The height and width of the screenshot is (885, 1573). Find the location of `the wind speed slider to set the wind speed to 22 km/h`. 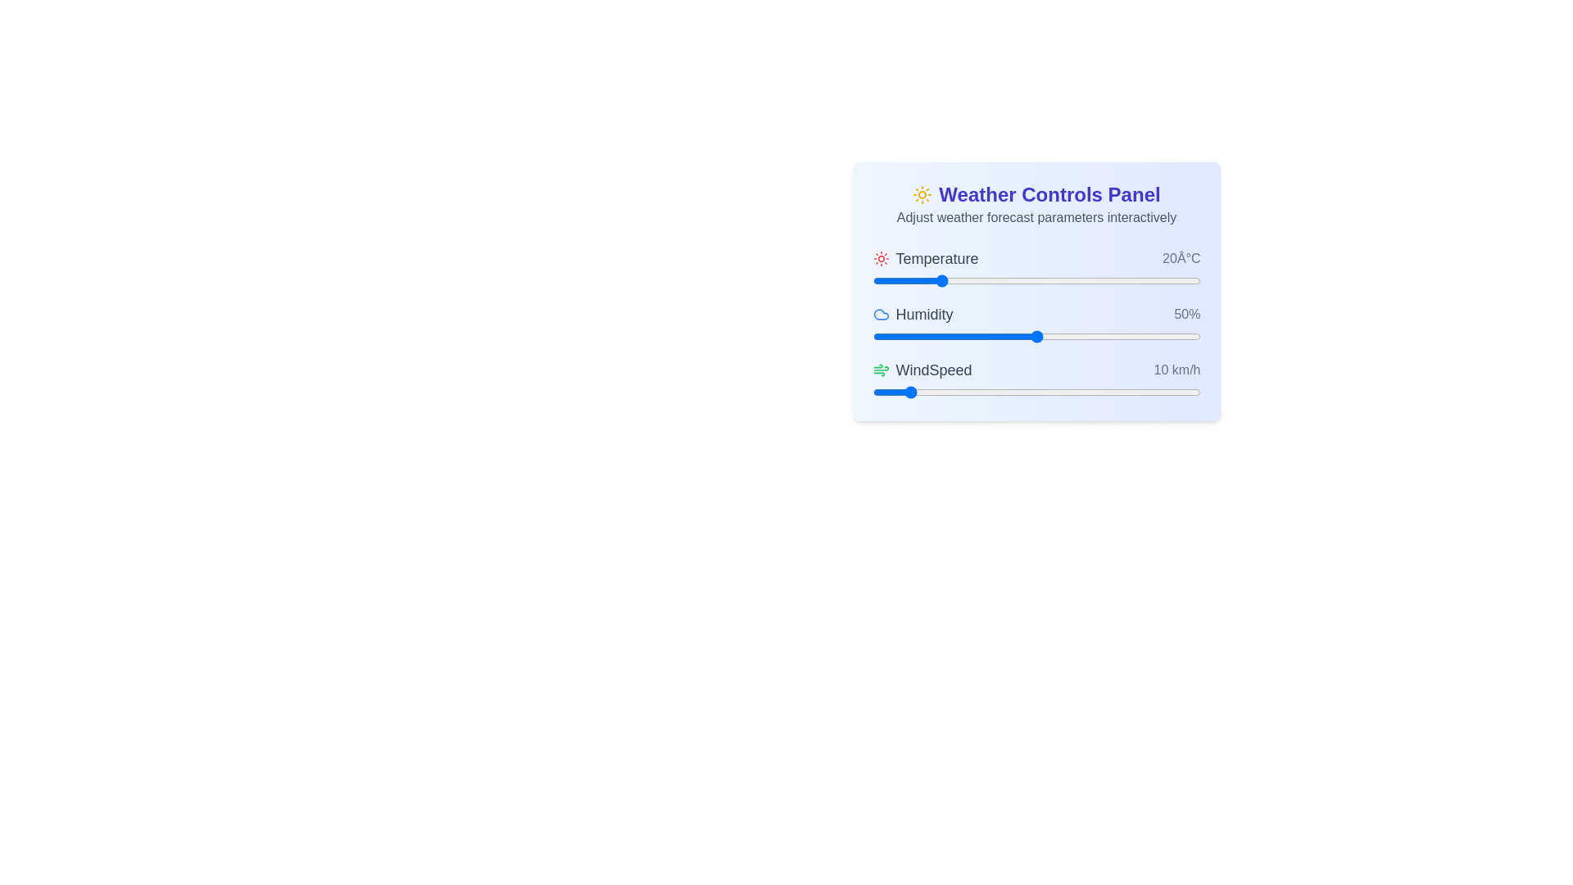

the wind speed slider to set the wind speed to 22 km/h is located at coordinates (945, 392).